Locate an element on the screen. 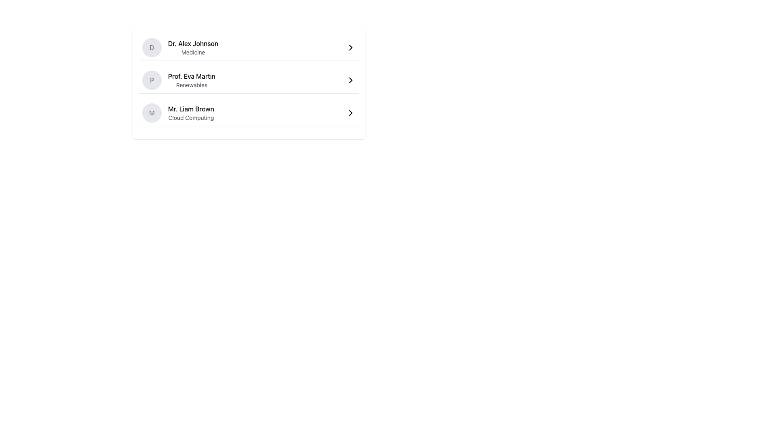  the chevron icon located at the right end of the list item for 'Mr. Liam Brown' with the subtitle 'Cloud Computing' is located at coordinates (351, 113).